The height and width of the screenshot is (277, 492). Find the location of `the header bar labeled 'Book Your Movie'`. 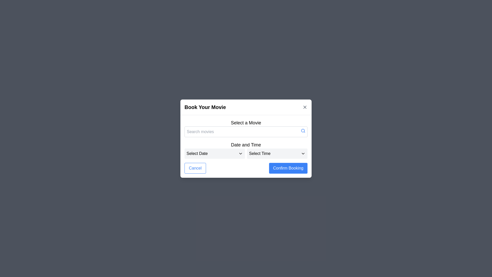

the header bar labeled 'Book Your Movie' is located at coordinates (246, 107).